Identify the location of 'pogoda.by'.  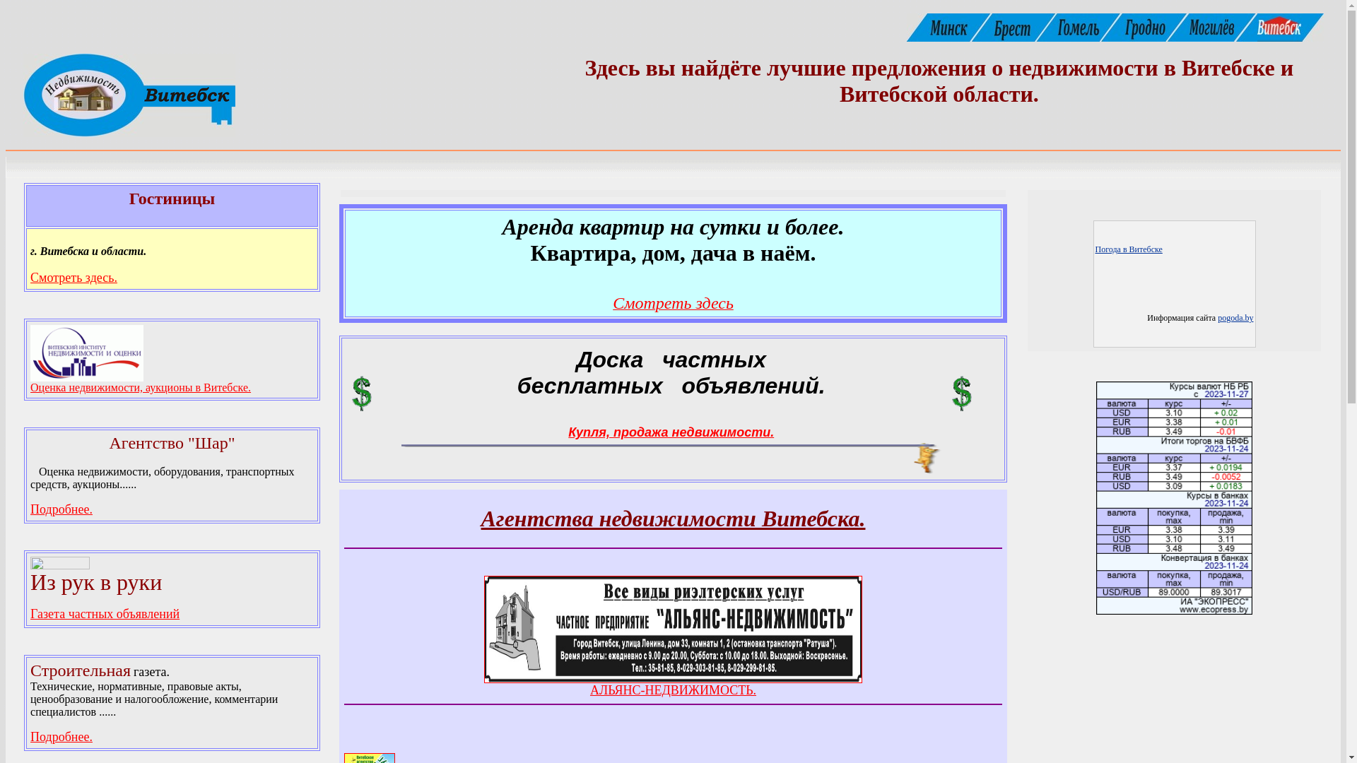
(1234, 318).